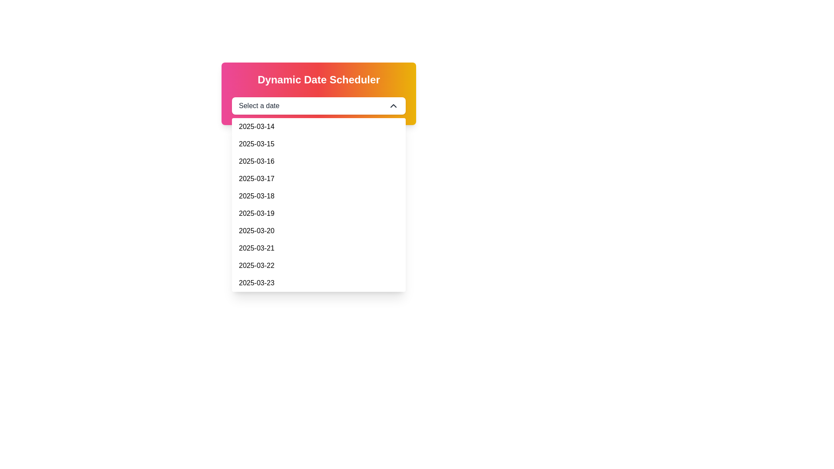 This screenshot has height=469, width=834. I want to click on the label prompting the user to select a date in the 'Dynamic Date Scheduler' dropdown, which is centered horizontally in the dropdown's header section, so click(258, 105).